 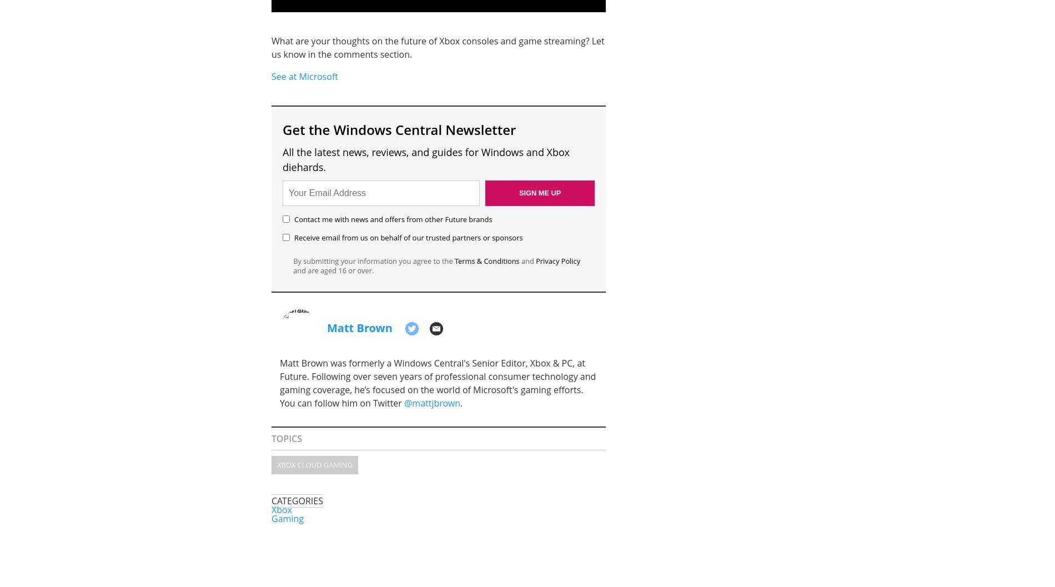 I want to click on 'Privacy Policy', so click(x=536, y=261).